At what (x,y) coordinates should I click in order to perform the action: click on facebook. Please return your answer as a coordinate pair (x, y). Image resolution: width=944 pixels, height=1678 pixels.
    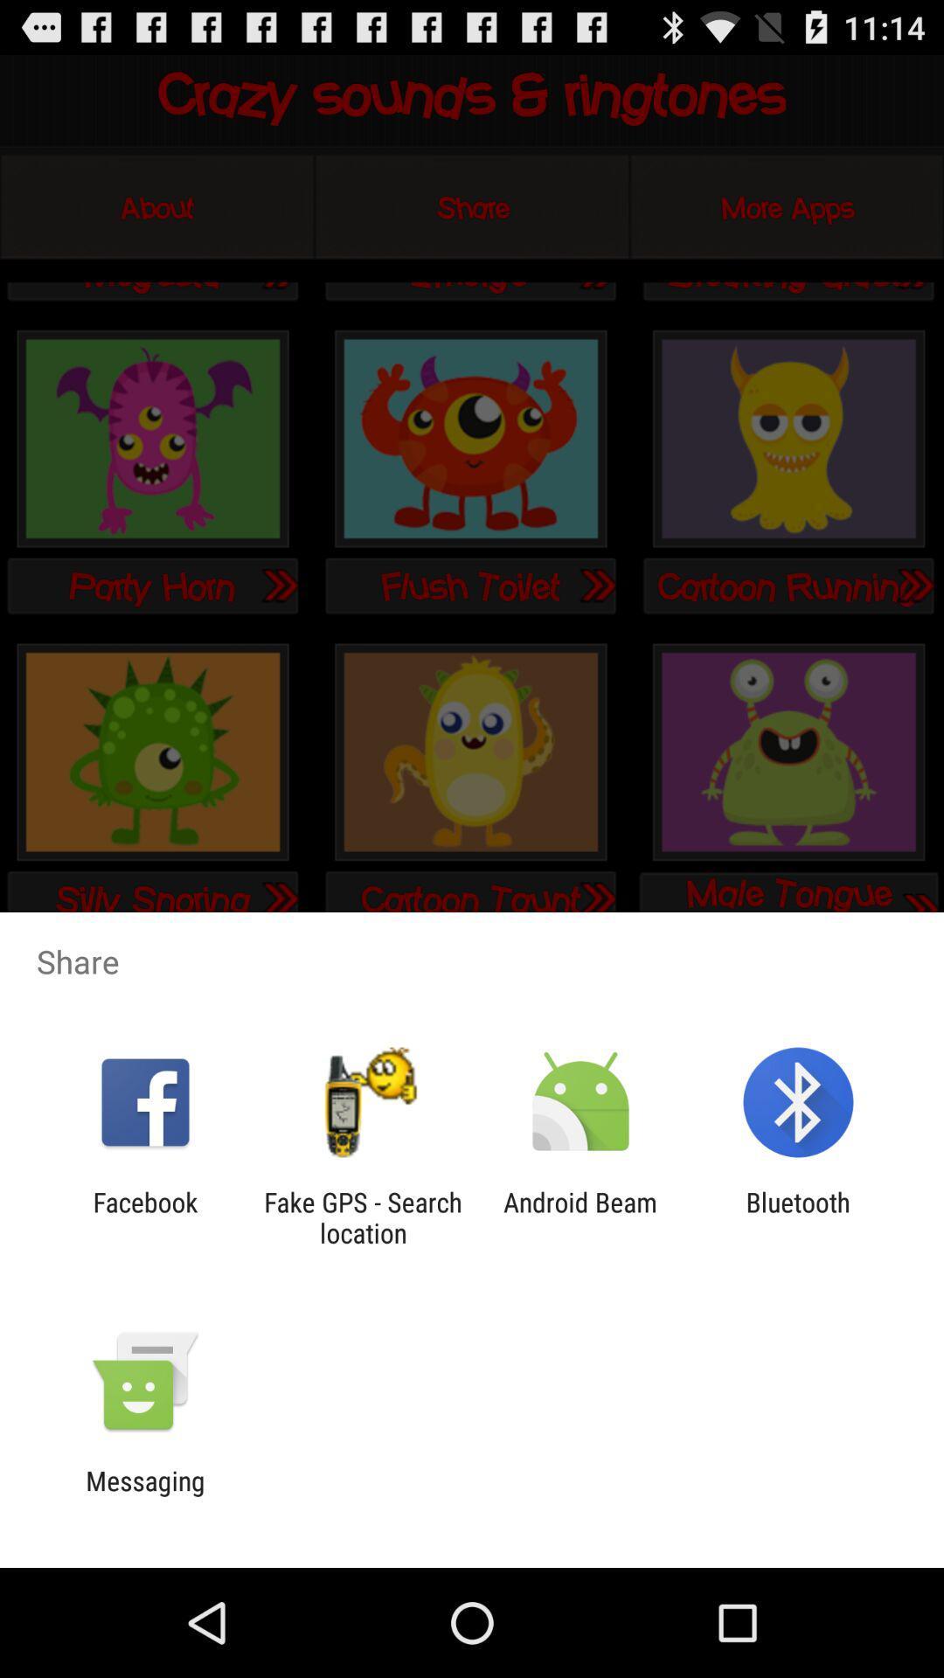
    Looking at the image, I should click on (144, 1217).